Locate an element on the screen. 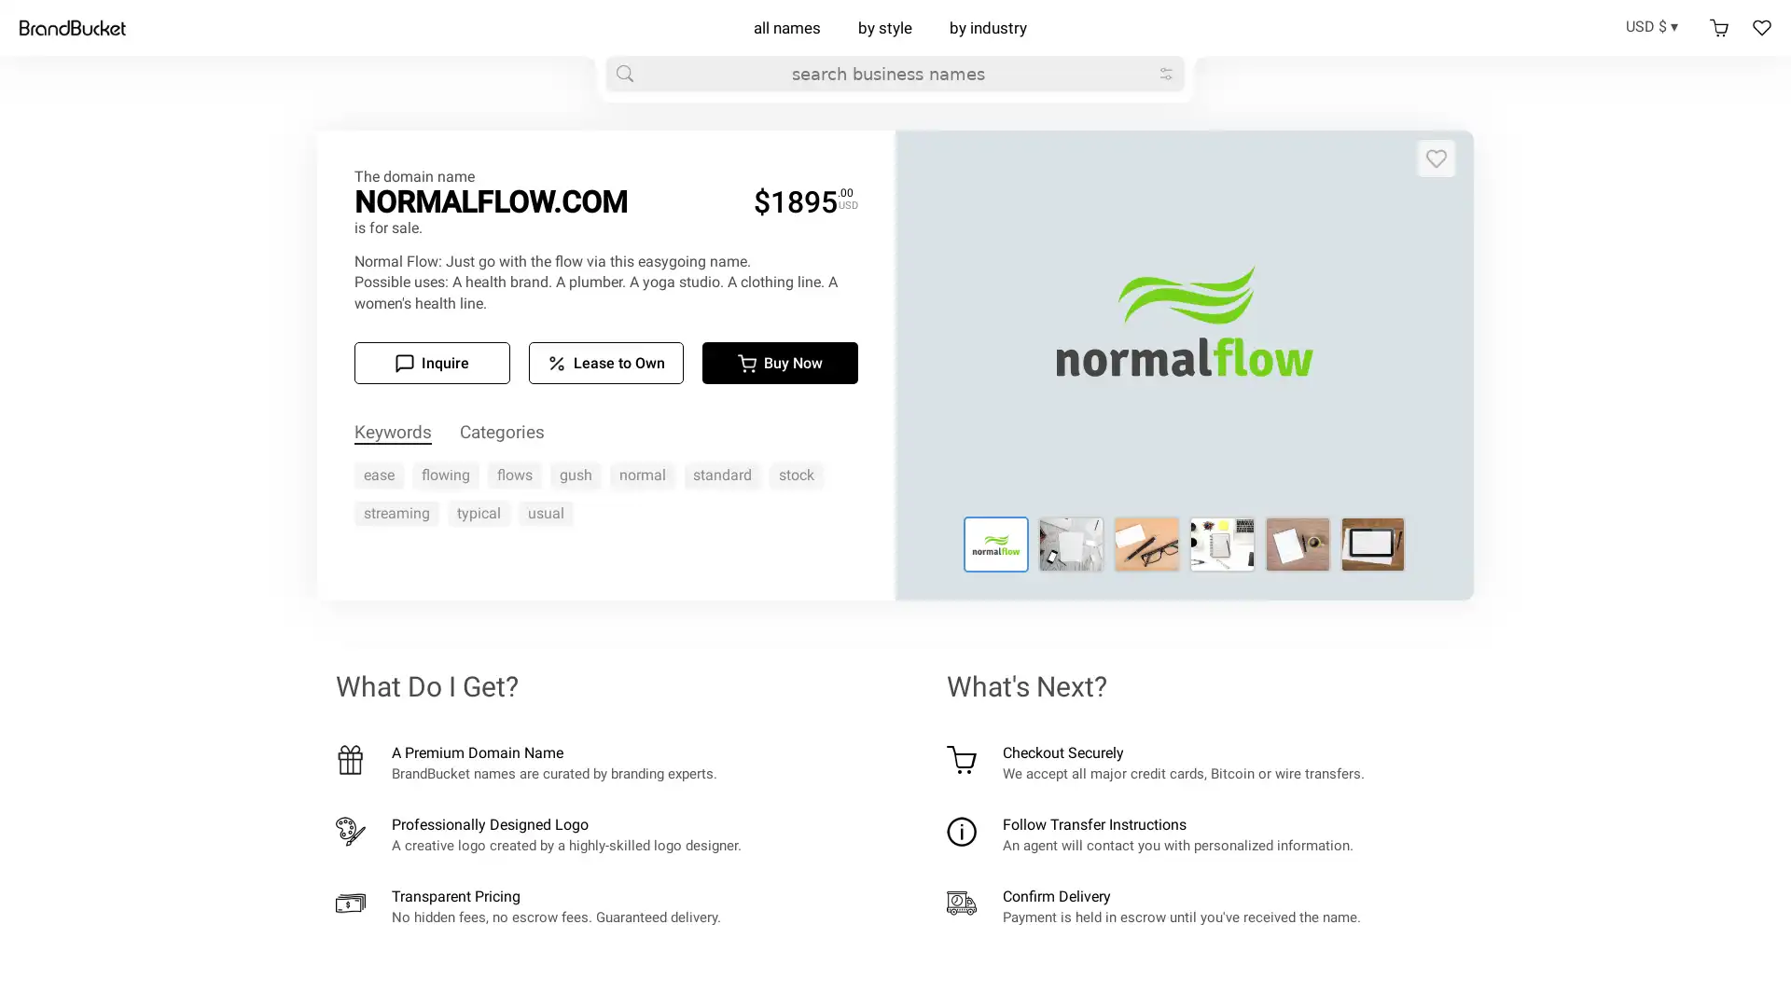  Logo for normalflow.com is located at coordinates (1222, 544).